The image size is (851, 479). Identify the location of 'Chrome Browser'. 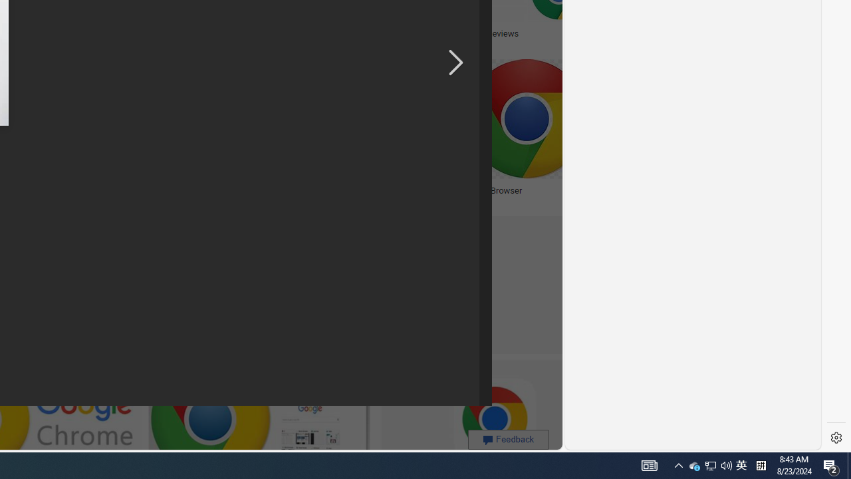
(489, 190).